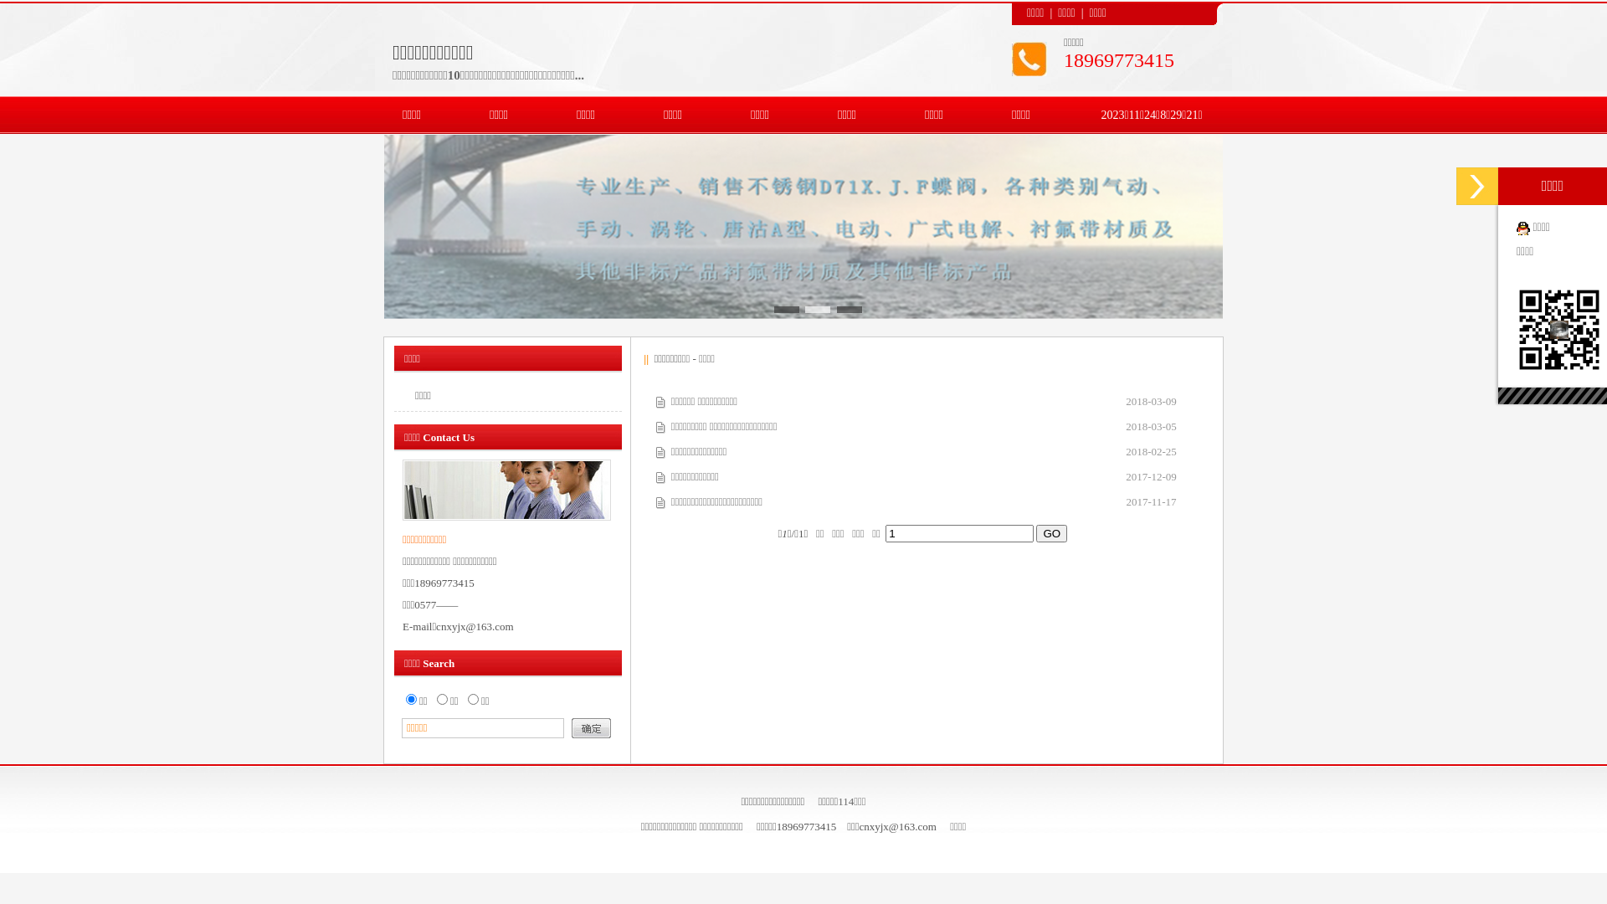 This screenshot has height=904, width=1607. I want to click on 'GO', so click(1050, 532).